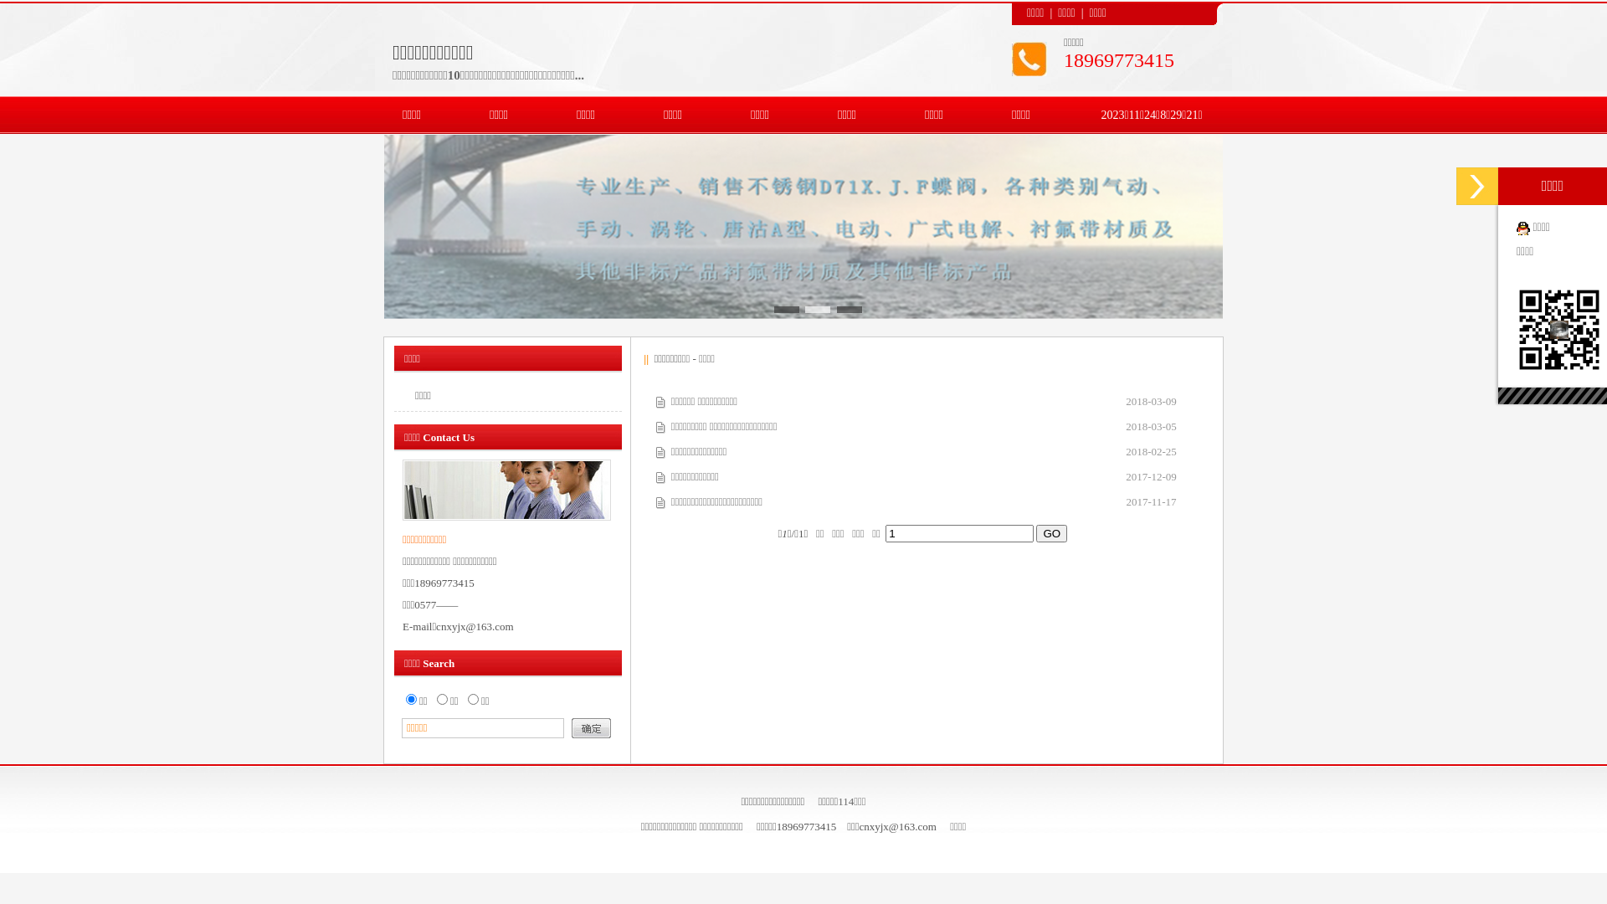 This screenshot has height=904, width=1607. I want to click on 'GO', so click(1050, 532).